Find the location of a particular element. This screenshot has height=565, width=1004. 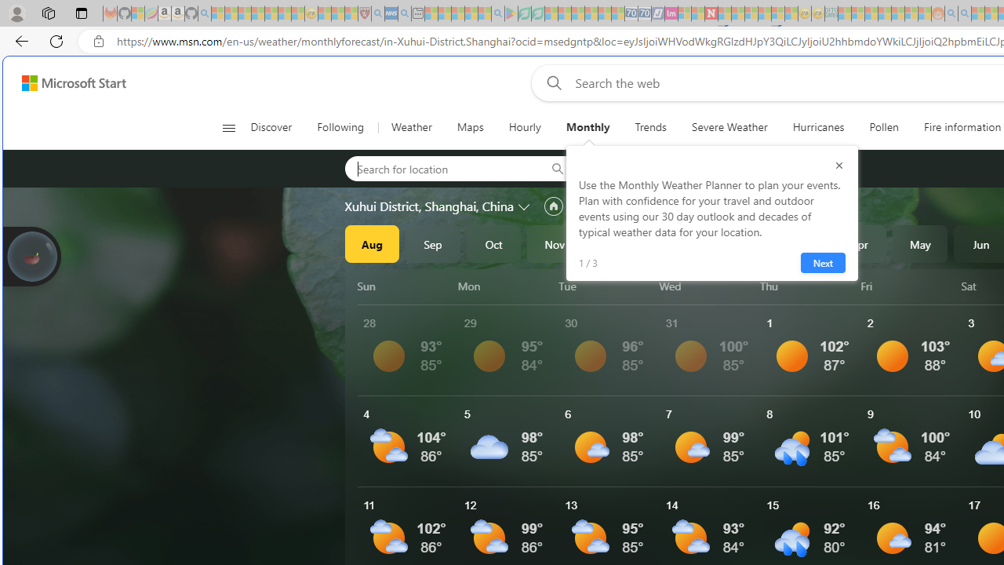

'Join us in planting real trees to help our planet!' is located at coordinates (31, 254).